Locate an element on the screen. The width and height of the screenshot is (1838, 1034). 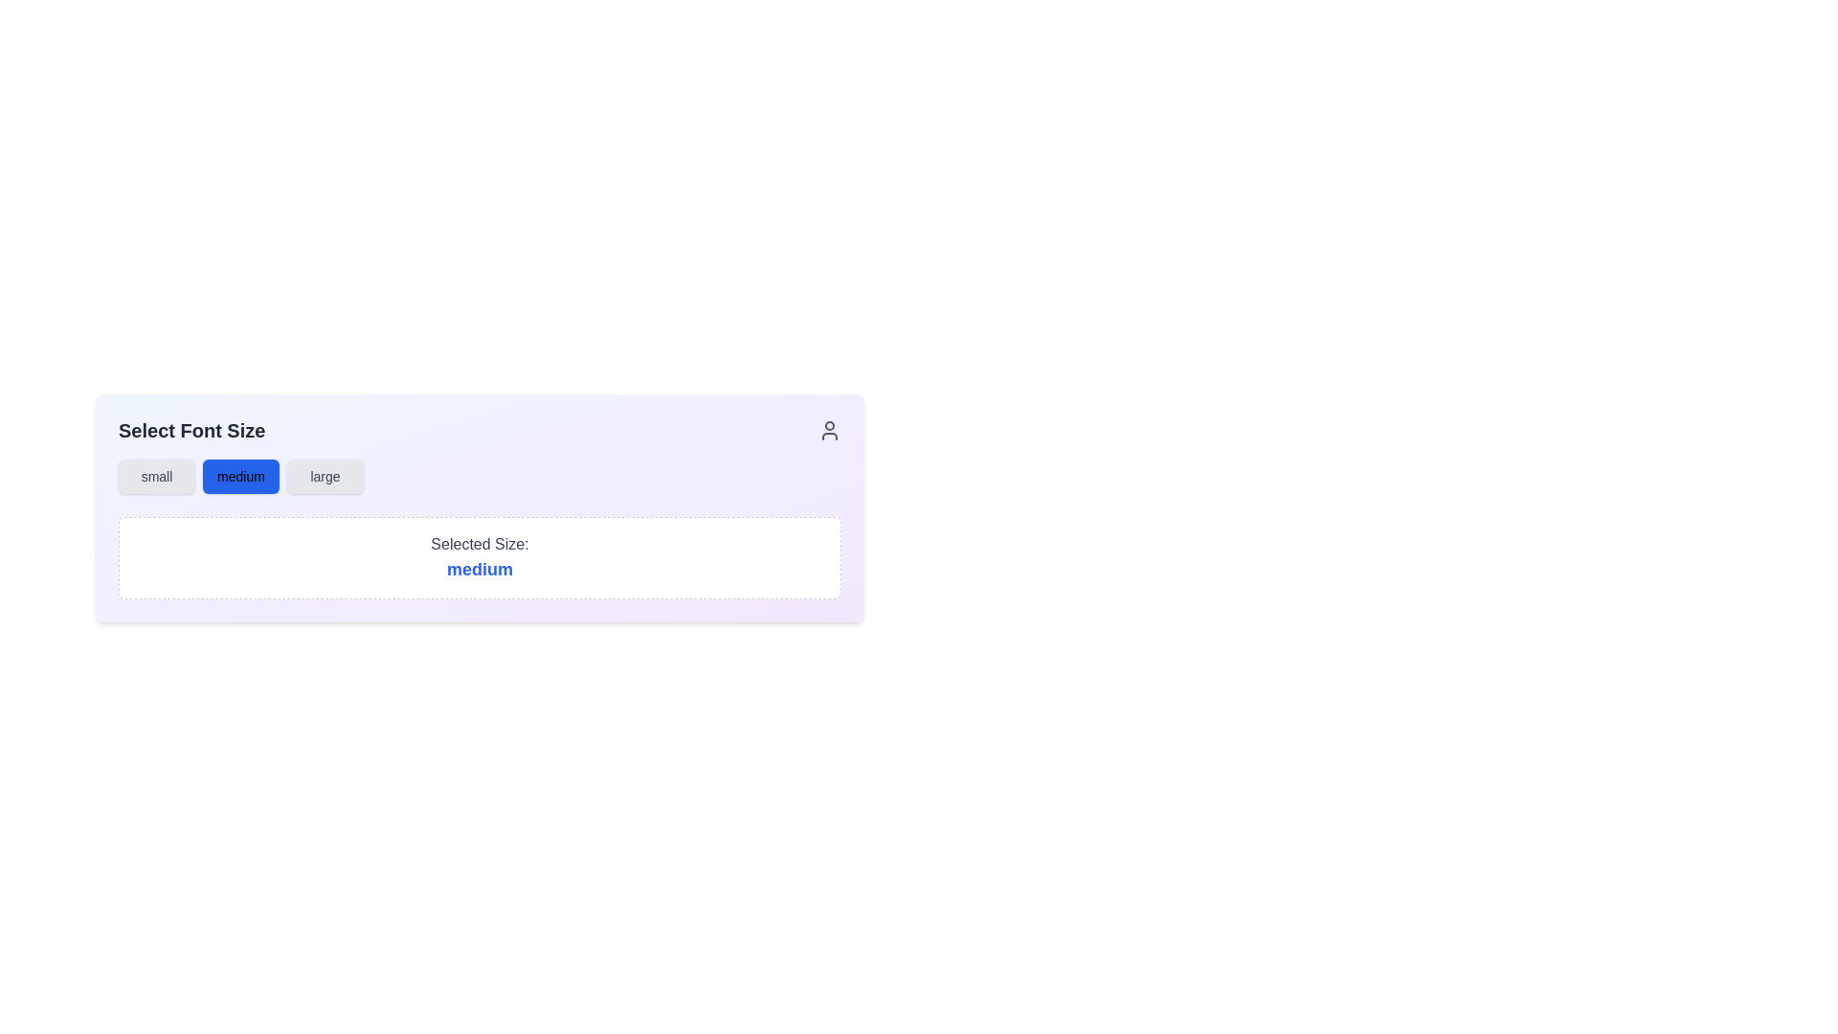
the Text label that introduces the font size options, located to the far left of the header section is located at coordinates (191, 431).